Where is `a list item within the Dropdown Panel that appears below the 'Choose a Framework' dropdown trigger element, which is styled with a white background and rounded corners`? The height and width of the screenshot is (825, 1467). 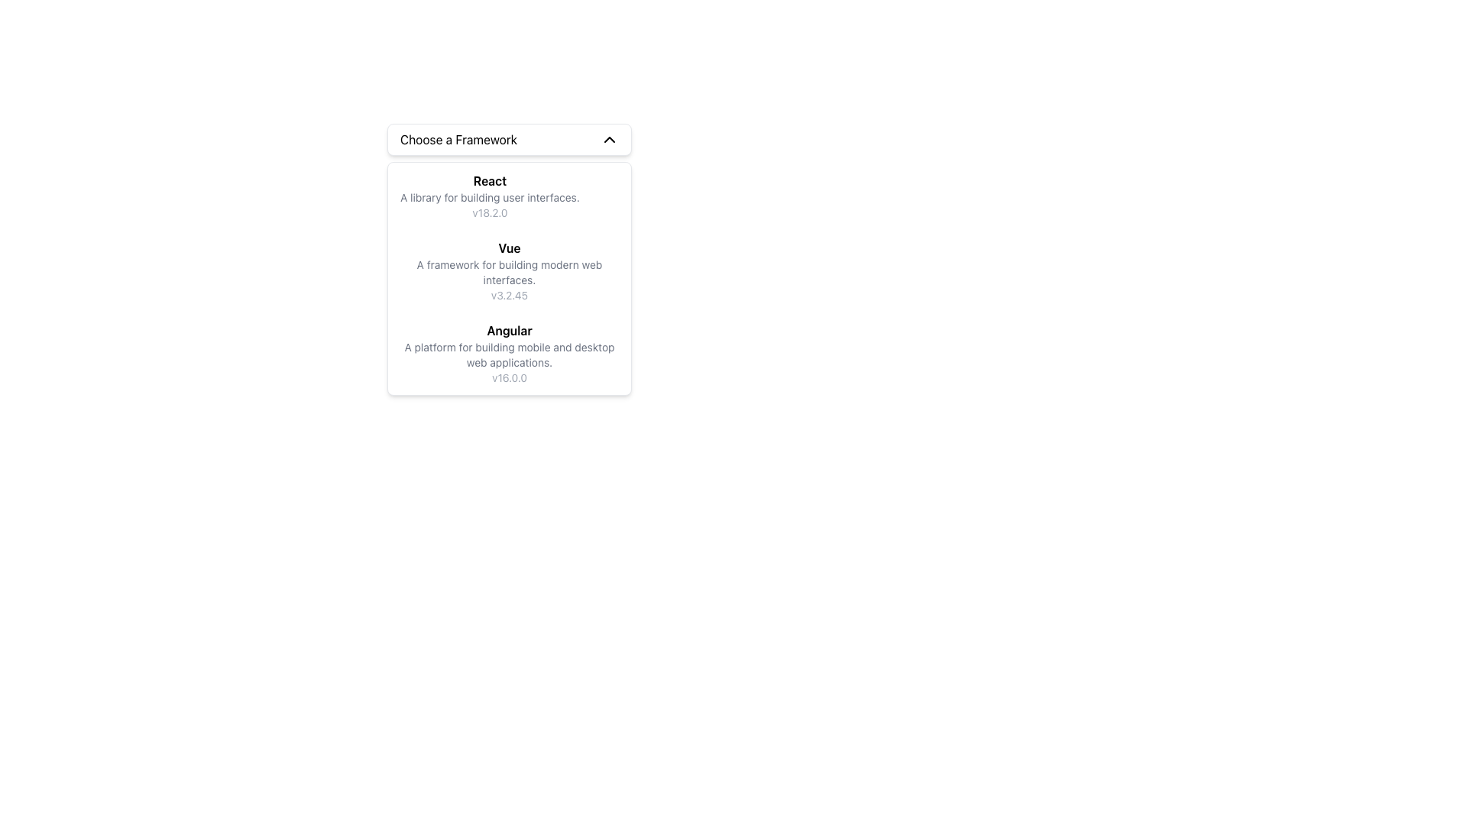
a list item within the Dropdown Panel that appears below the 'Choose a Framework' dropdown trigger element, which is styled with a white background and rounded corners is located at coordinates (510, 279).